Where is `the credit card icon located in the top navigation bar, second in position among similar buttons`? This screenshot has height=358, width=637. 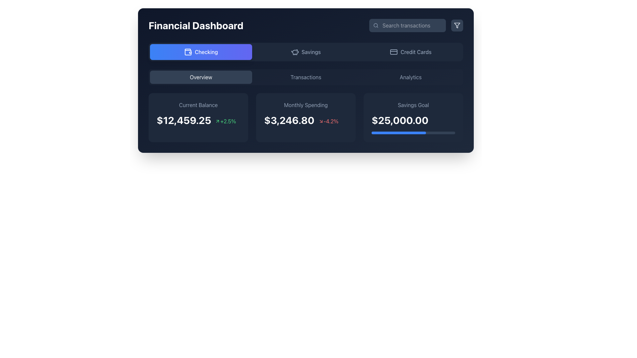
the credit card icon located in the top navigation bar, second in position among similar buttons is located at coordinates (394, 52).